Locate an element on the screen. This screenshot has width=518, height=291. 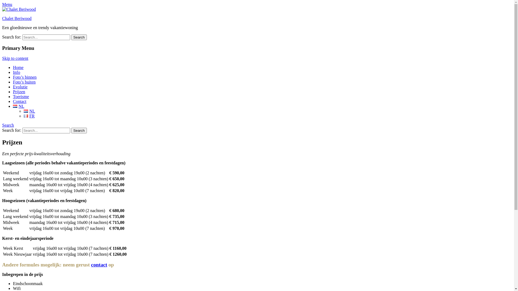
'Skip to content' is located at coordinates (15, 58).